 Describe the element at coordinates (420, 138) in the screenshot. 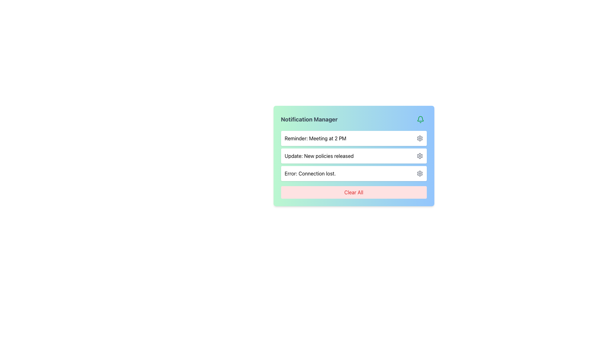

I see `the first gear icon located directly to the right of the 'Reminder: Meeting at 2 PM' notification` at that location.